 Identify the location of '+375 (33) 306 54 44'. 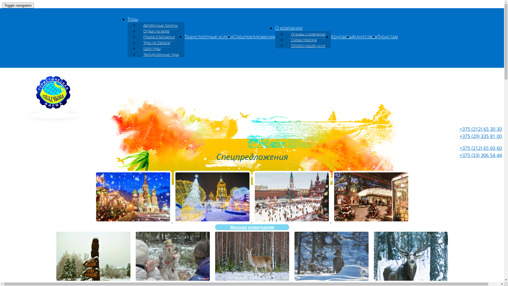
(481, 155).